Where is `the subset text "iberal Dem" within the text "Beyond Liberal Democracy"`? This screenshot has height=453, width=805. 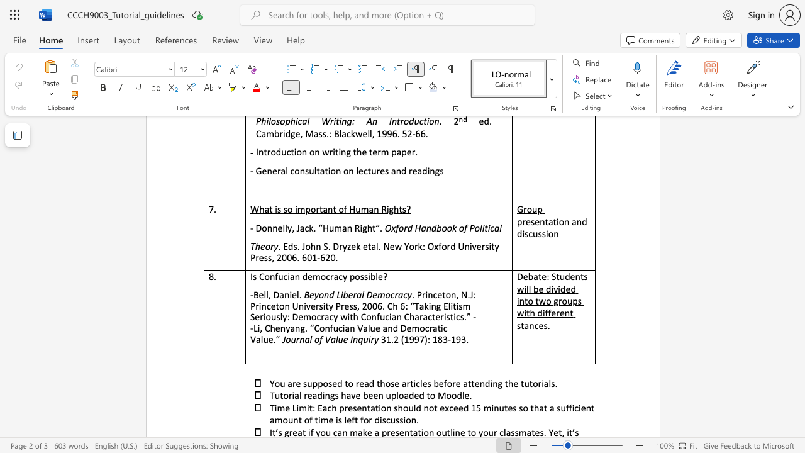
the subset text "iberal Dem" within the text "Beyond Liberal Democracy" is located at coordinates (340, 294).